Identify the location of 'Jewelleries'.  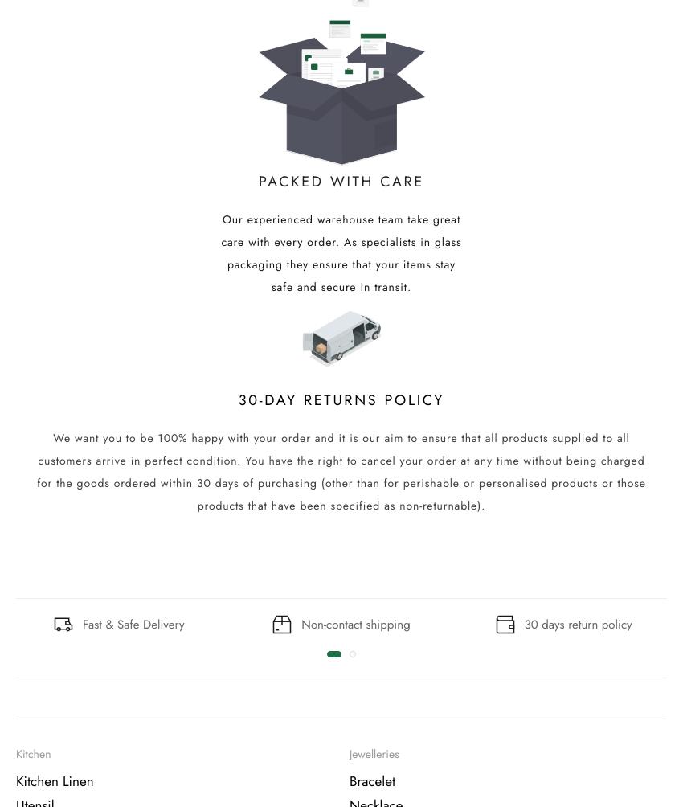
(373, 754).